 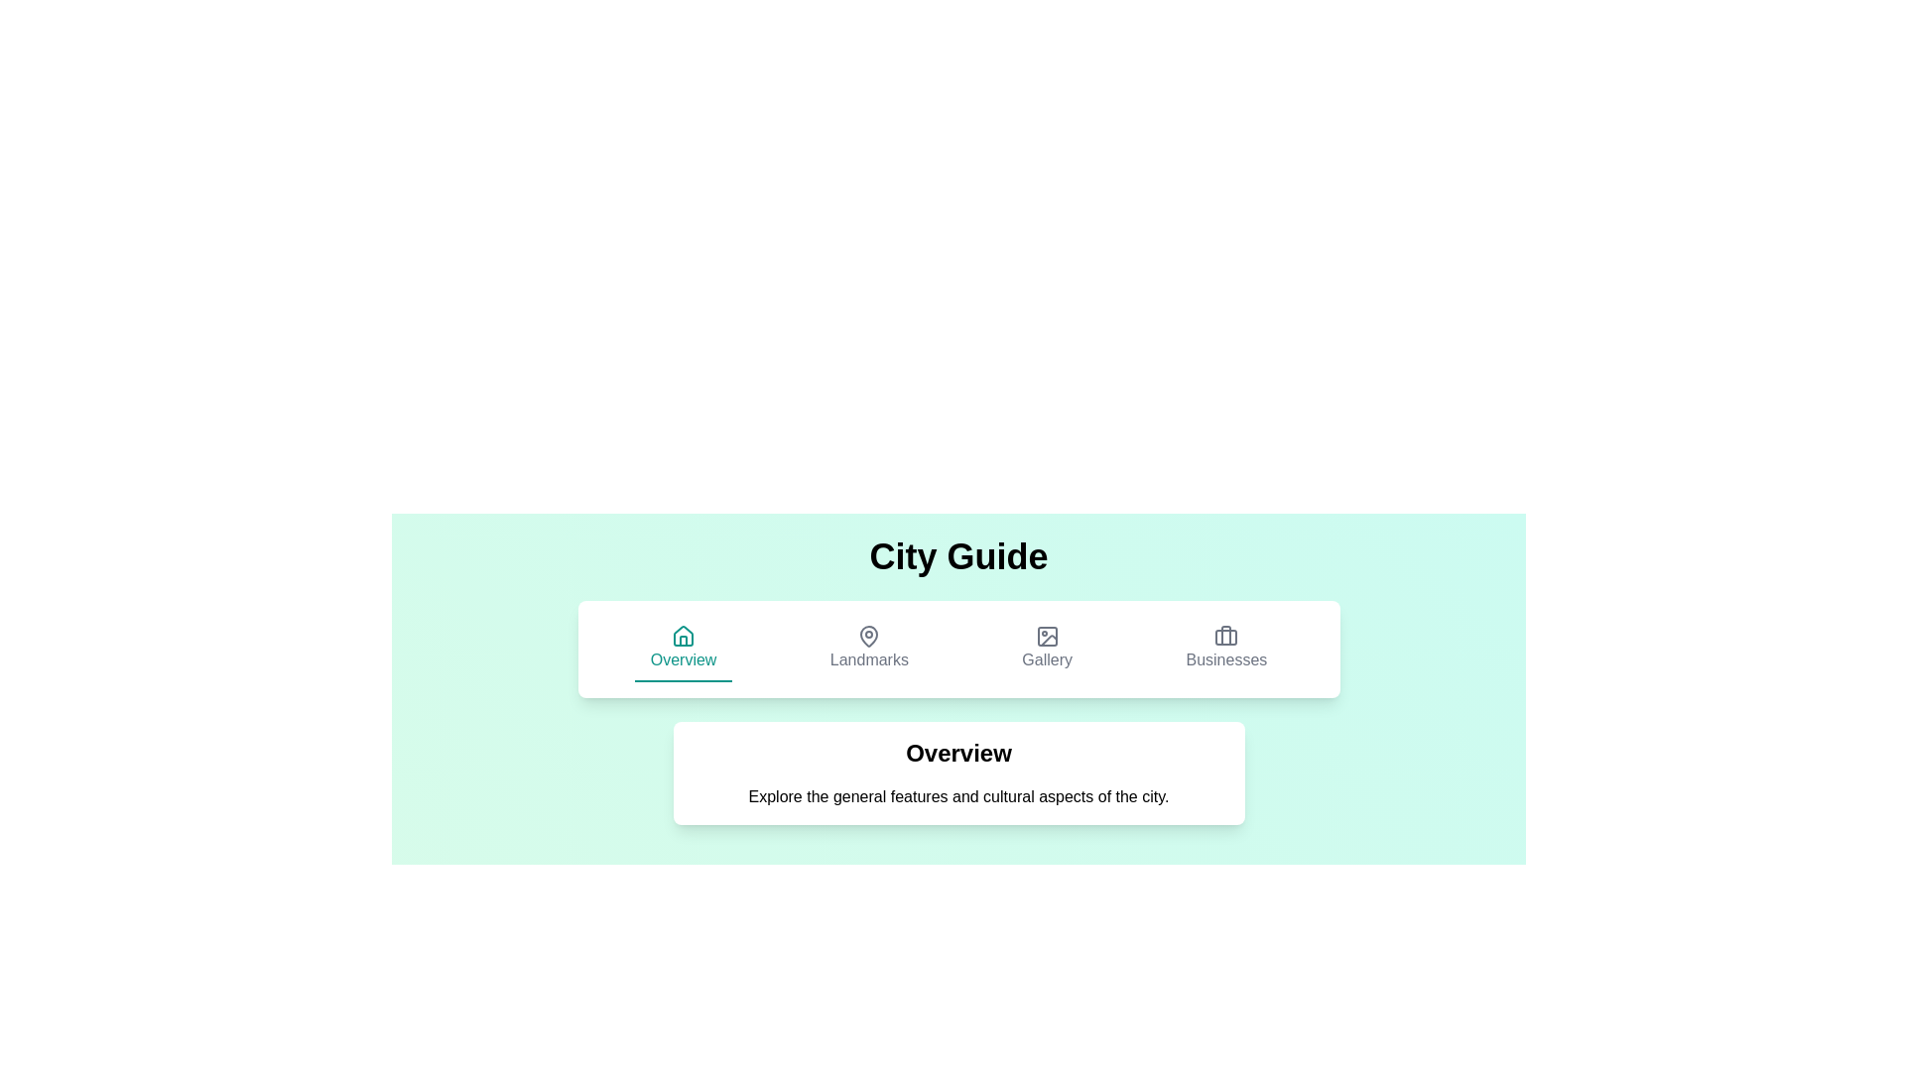 What do you see at coordinates (1046, 660) in the screenshot?
I see `text content of the label displaying 'Gallery', which is a gray, centered text label located in the navigation bar beneath an icon` at bounding box center [1046, 660].